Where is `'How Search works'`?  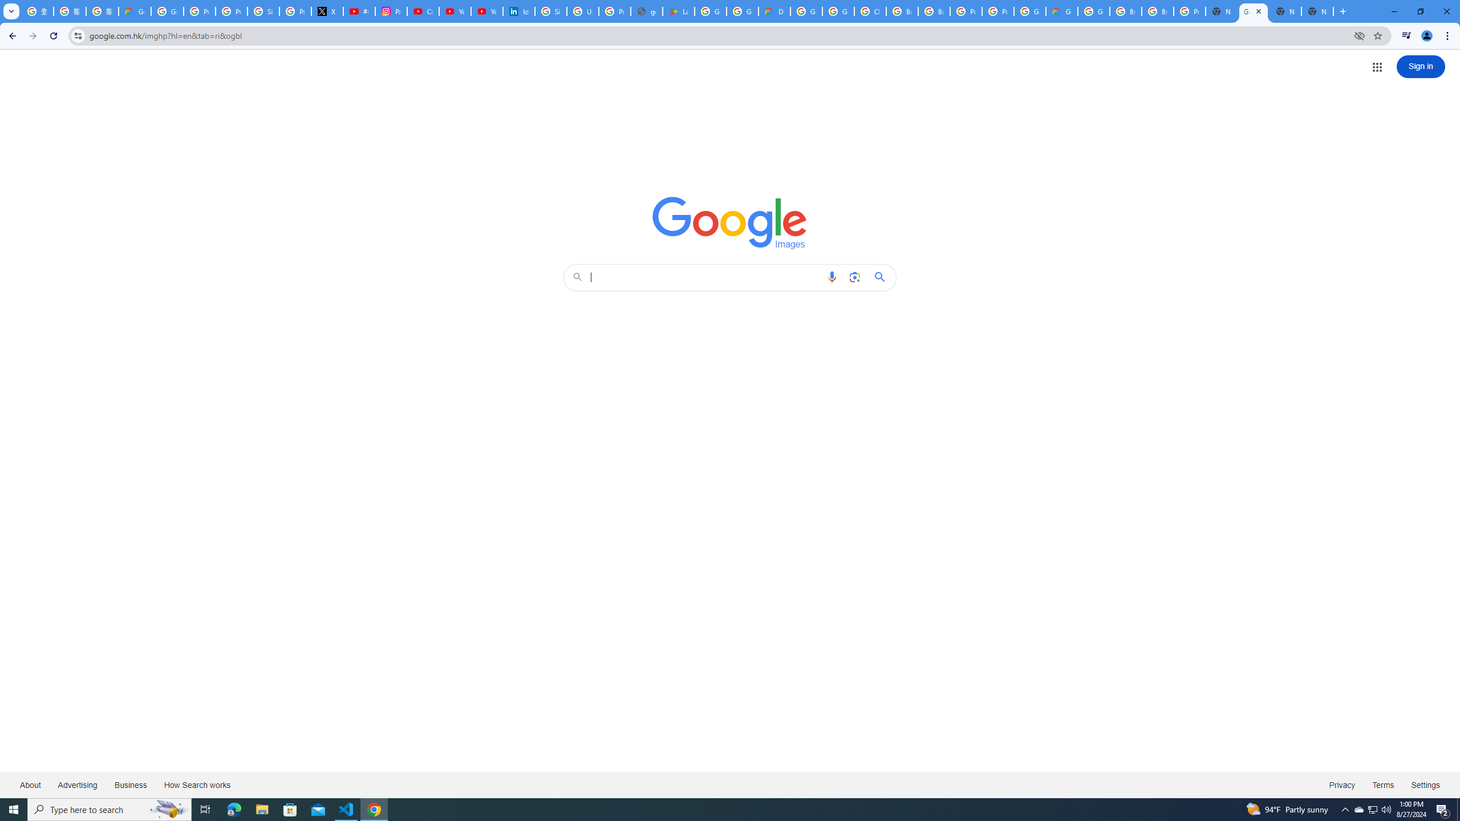
'How Search works' is located at coordinates (197, 784).